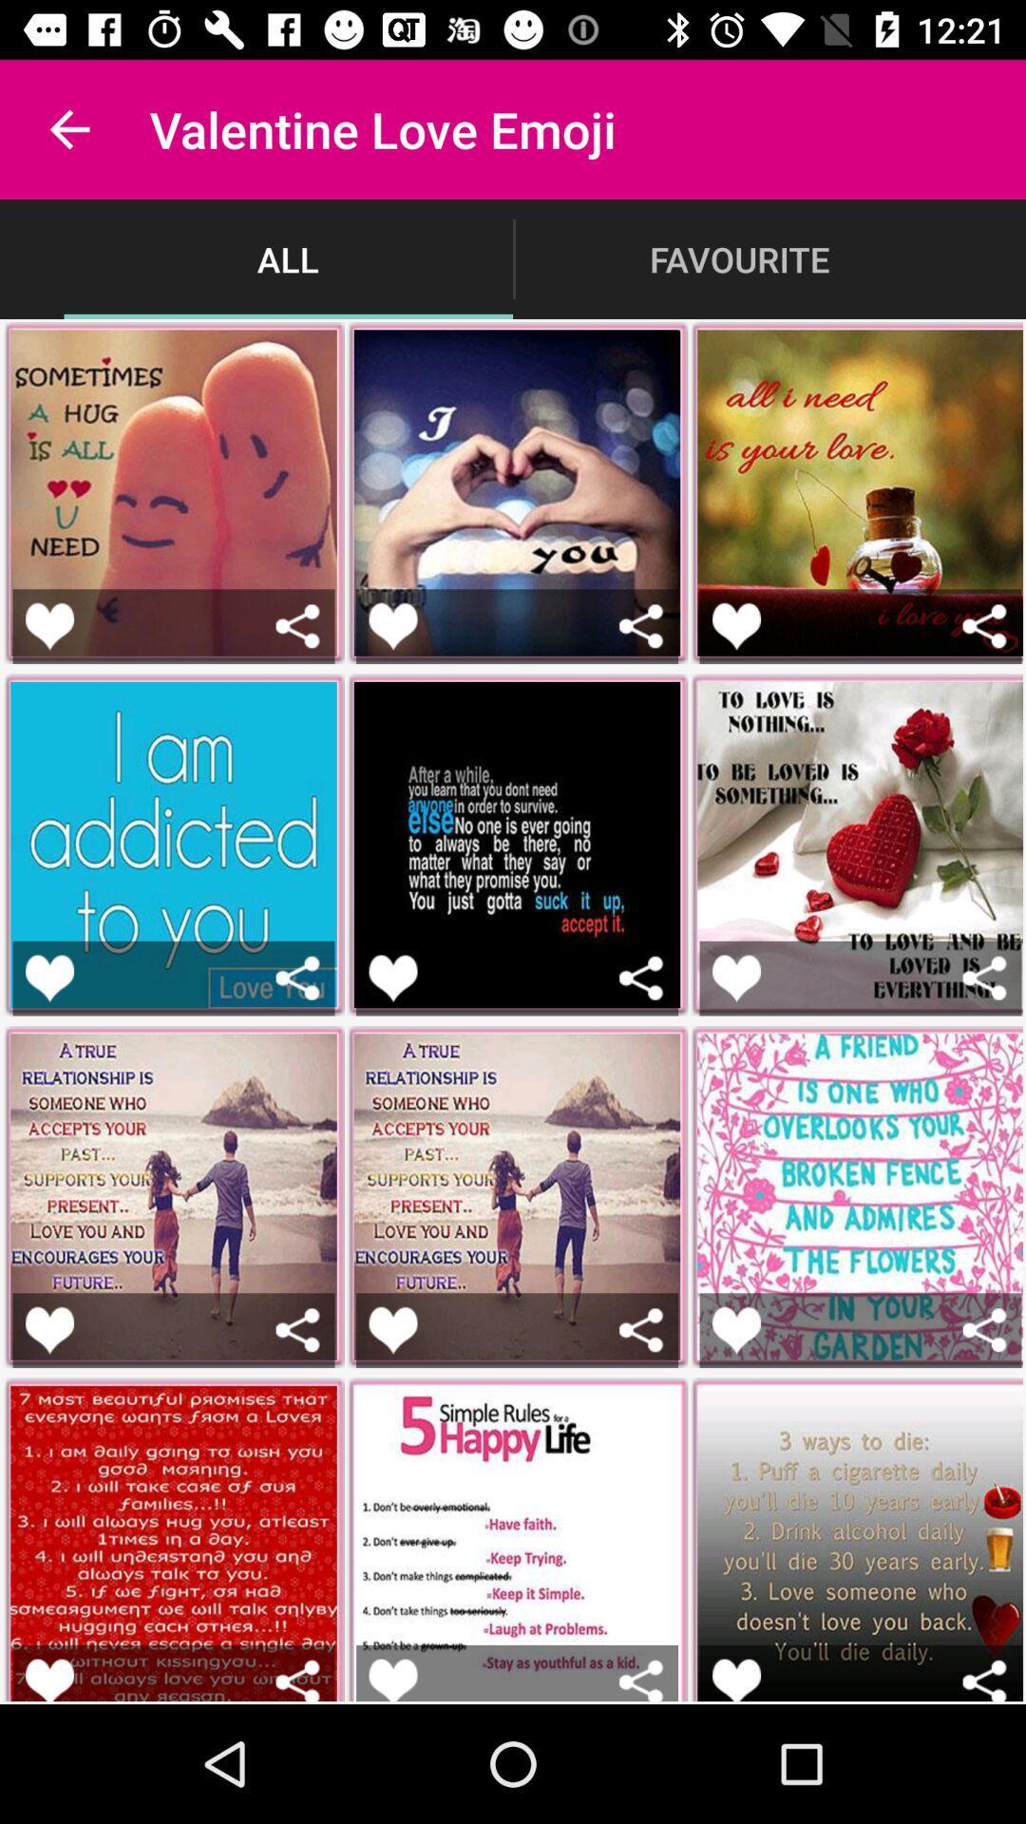 The image size is (1026, 1824). I want to click on like the selected emoji, so click(48, 1680).